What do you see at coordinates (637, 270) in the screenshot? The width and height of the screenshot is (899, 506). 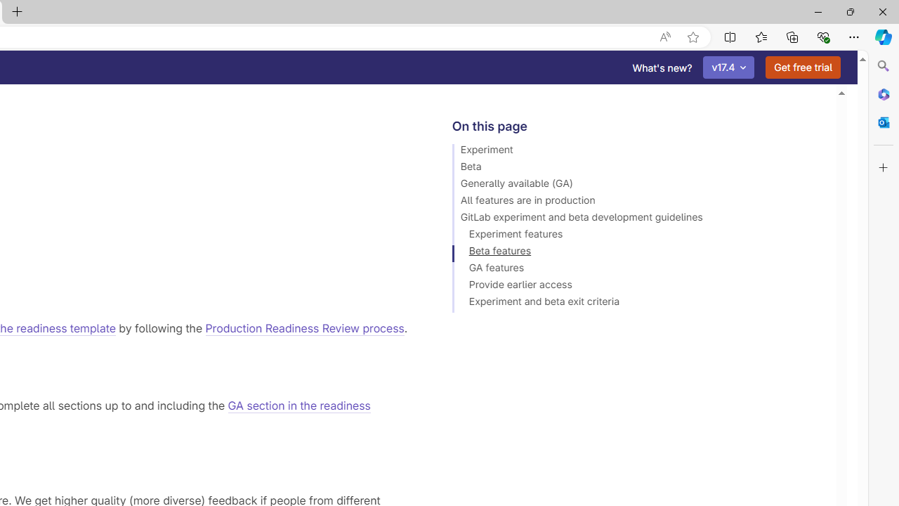 I see `'GA features'` at bounding box center [637, 270].